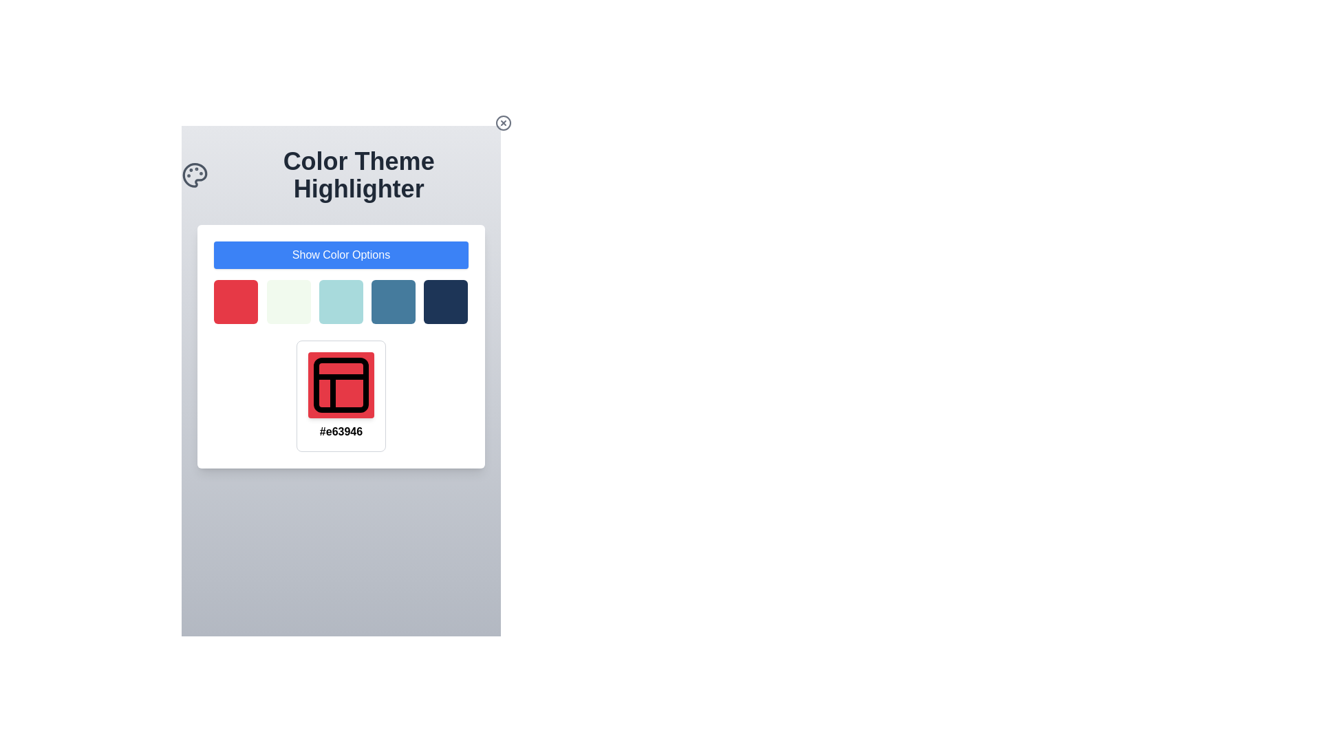  I want to click on the square icon with a red background and black outlines that is centered above the bold text '#e63946', so click(341, 385).